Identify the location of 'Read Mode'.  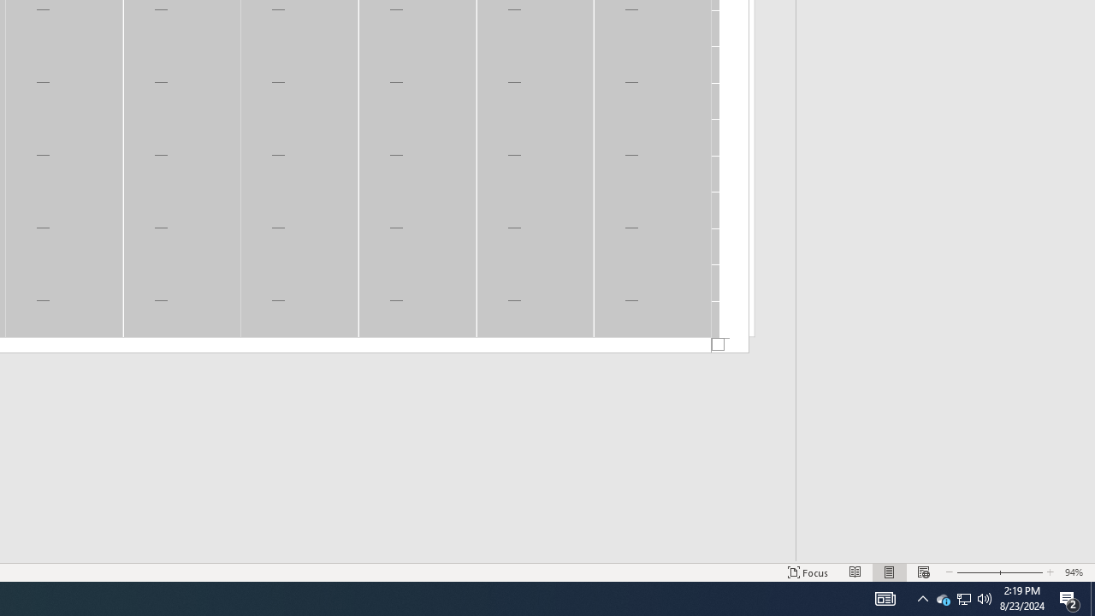
(855, 572).